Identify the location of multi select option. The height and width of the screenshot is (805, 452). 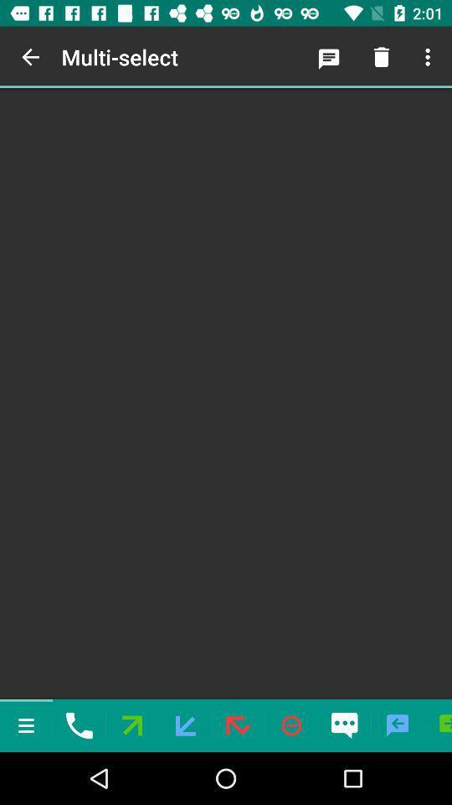
(226, 393).